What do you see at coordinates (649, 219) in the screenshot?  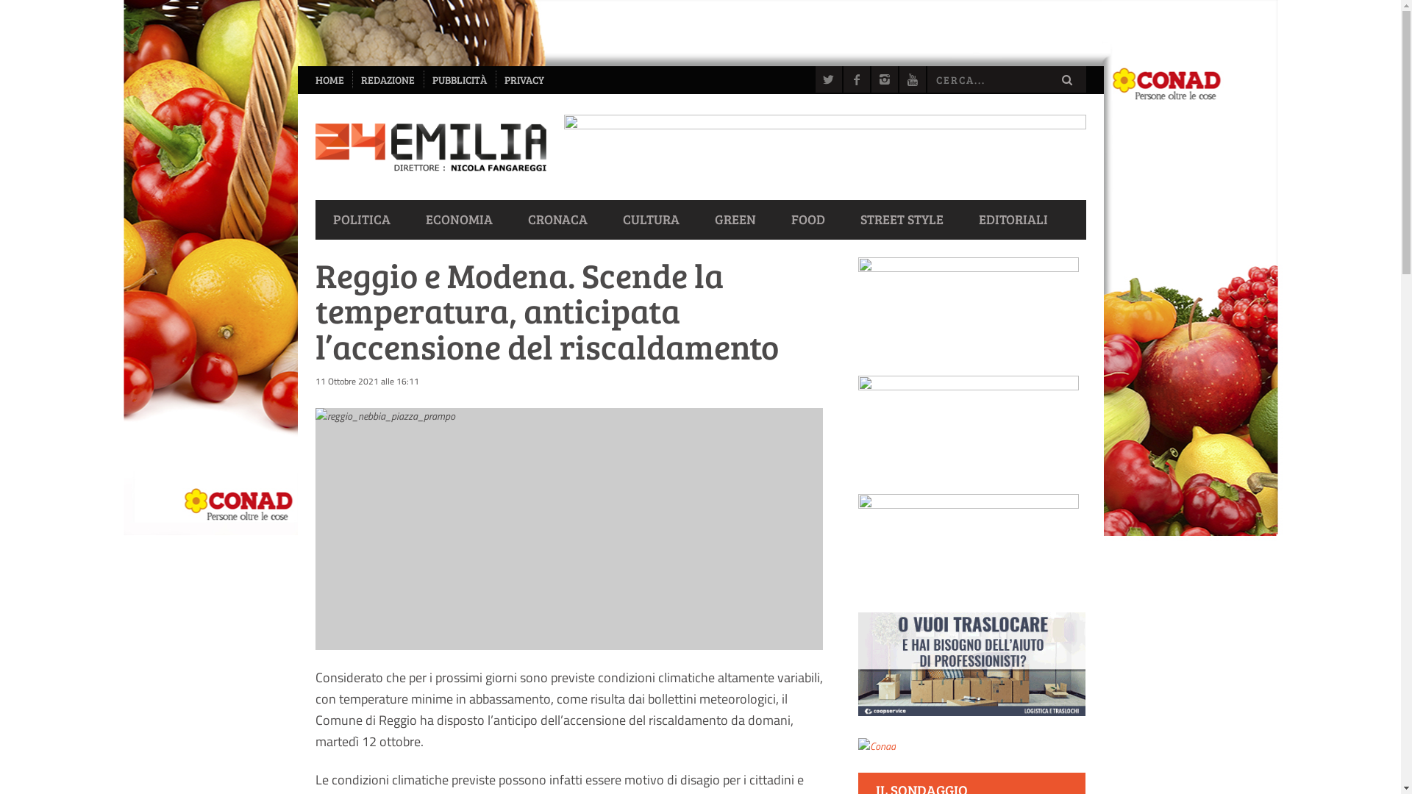 I see `'CULTURA'` at bounding box center [649, 219].